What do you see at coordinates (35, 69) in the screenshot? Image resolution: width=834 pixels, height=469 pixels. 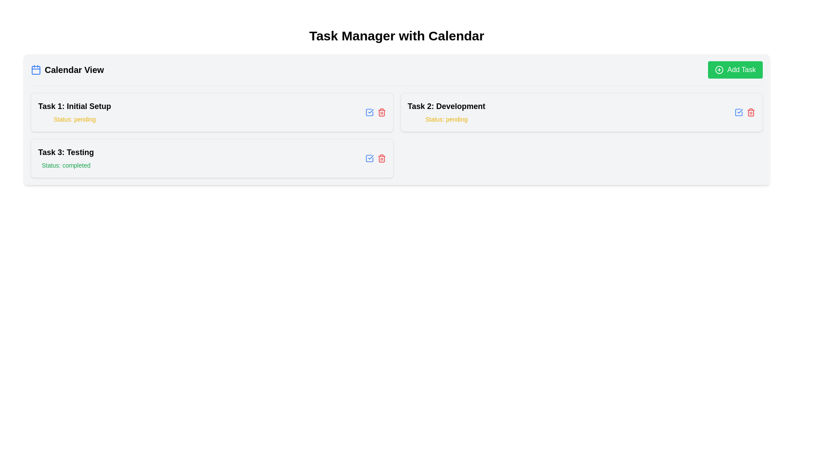 I see `the calendar icon characterized by a blue stroke, compact 24x24 pixel size, rounded corners, and two vertical lines at the top, located to the left of the 'Calendar View' text` at bounding box center [35, 69].